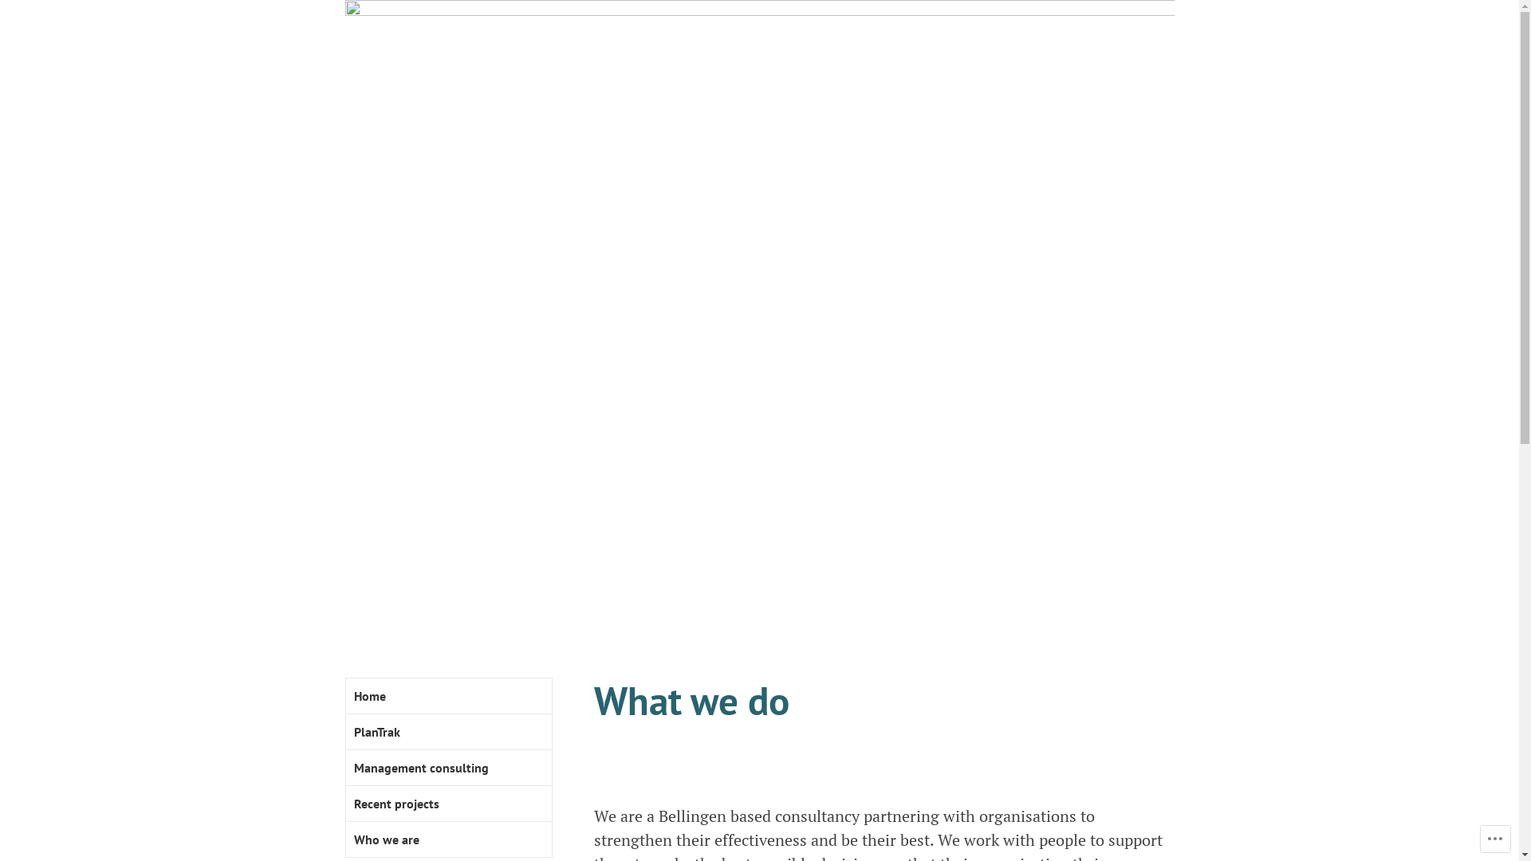 Image resolution: width=1531 pixels, height=861 pixels. What do you see at coordinates (447, 695) in the screenshot?
I see `'Home'` at bounding box center [447, 695].